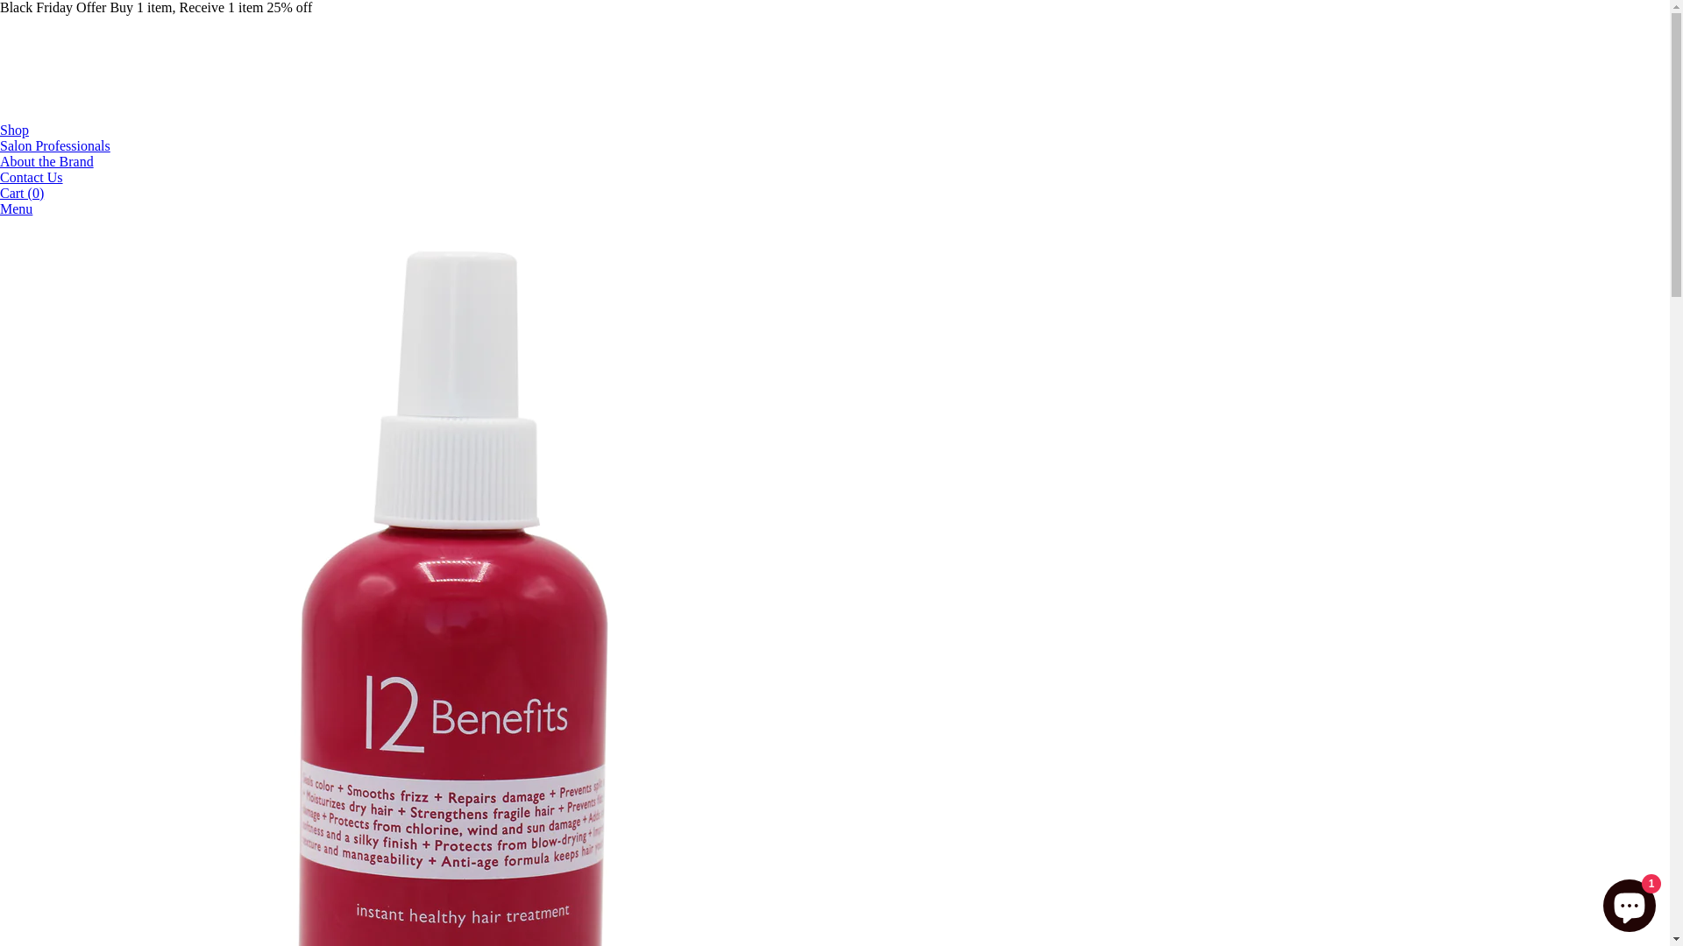 This screenshot has height=946, width=1683. I want to click on 'Salon Professionals', so click(0, 145).